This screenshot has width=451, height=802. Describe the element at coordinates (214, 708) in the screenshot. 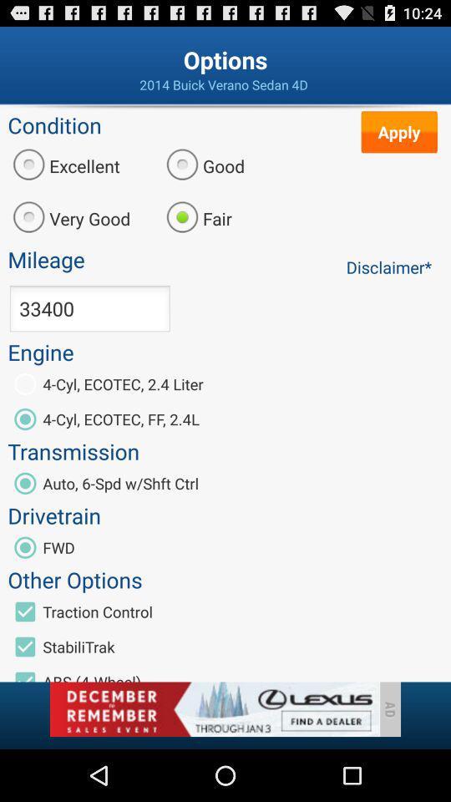

I see `banner advertisement` at that location.